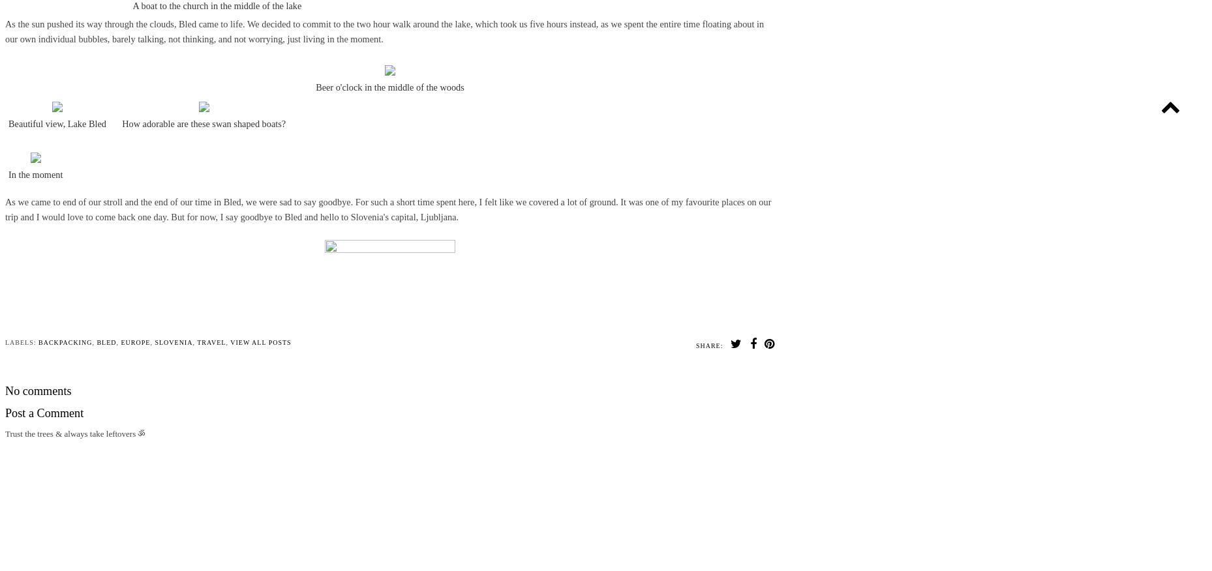 The image size is (1212, 571). What do you see at coordinates (389, 85) in the screenshot?
I see `'Beer o'clock in the middle of the woods'` at bounding box center [389, 85].